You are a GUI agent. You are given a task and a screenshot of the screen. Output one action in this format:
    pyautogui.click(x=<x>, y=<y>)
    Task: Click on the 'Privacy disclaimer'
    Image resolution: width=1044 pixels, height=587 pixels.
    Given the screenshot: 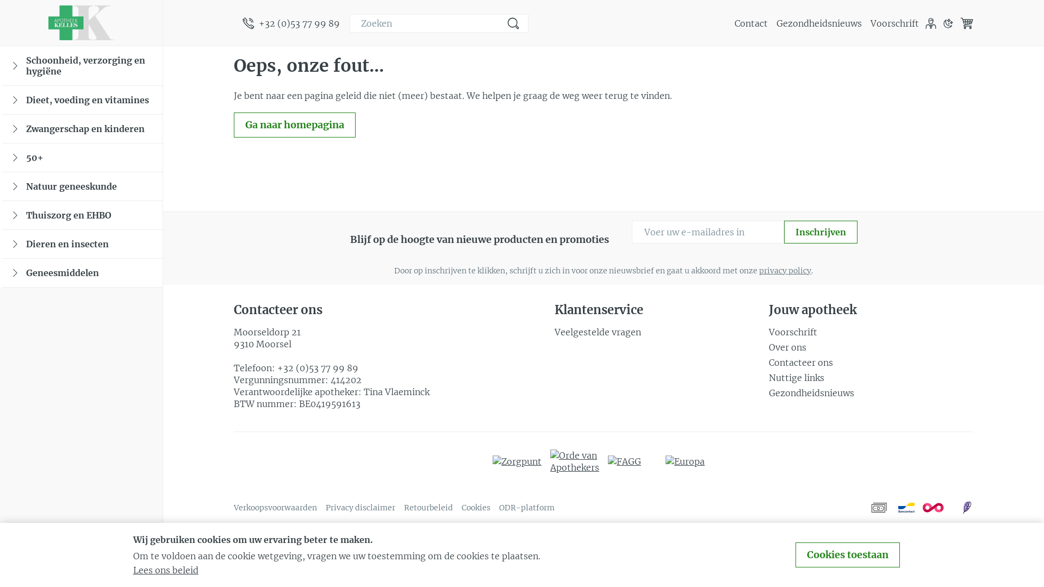 What is the action you would take?
    pyautogui.click(x=360, y=507)
    